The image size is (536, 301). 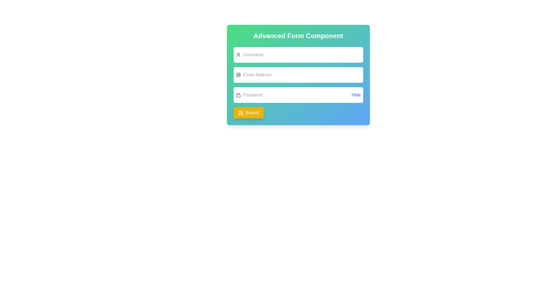 What do you see at coordinates (298, 36) in the screenshot?
I see `the text label displaying 'Advanced Form Component', which is a large bold title centered in a gradient background box at the top of the form layout` at bounding box center [298, 36].